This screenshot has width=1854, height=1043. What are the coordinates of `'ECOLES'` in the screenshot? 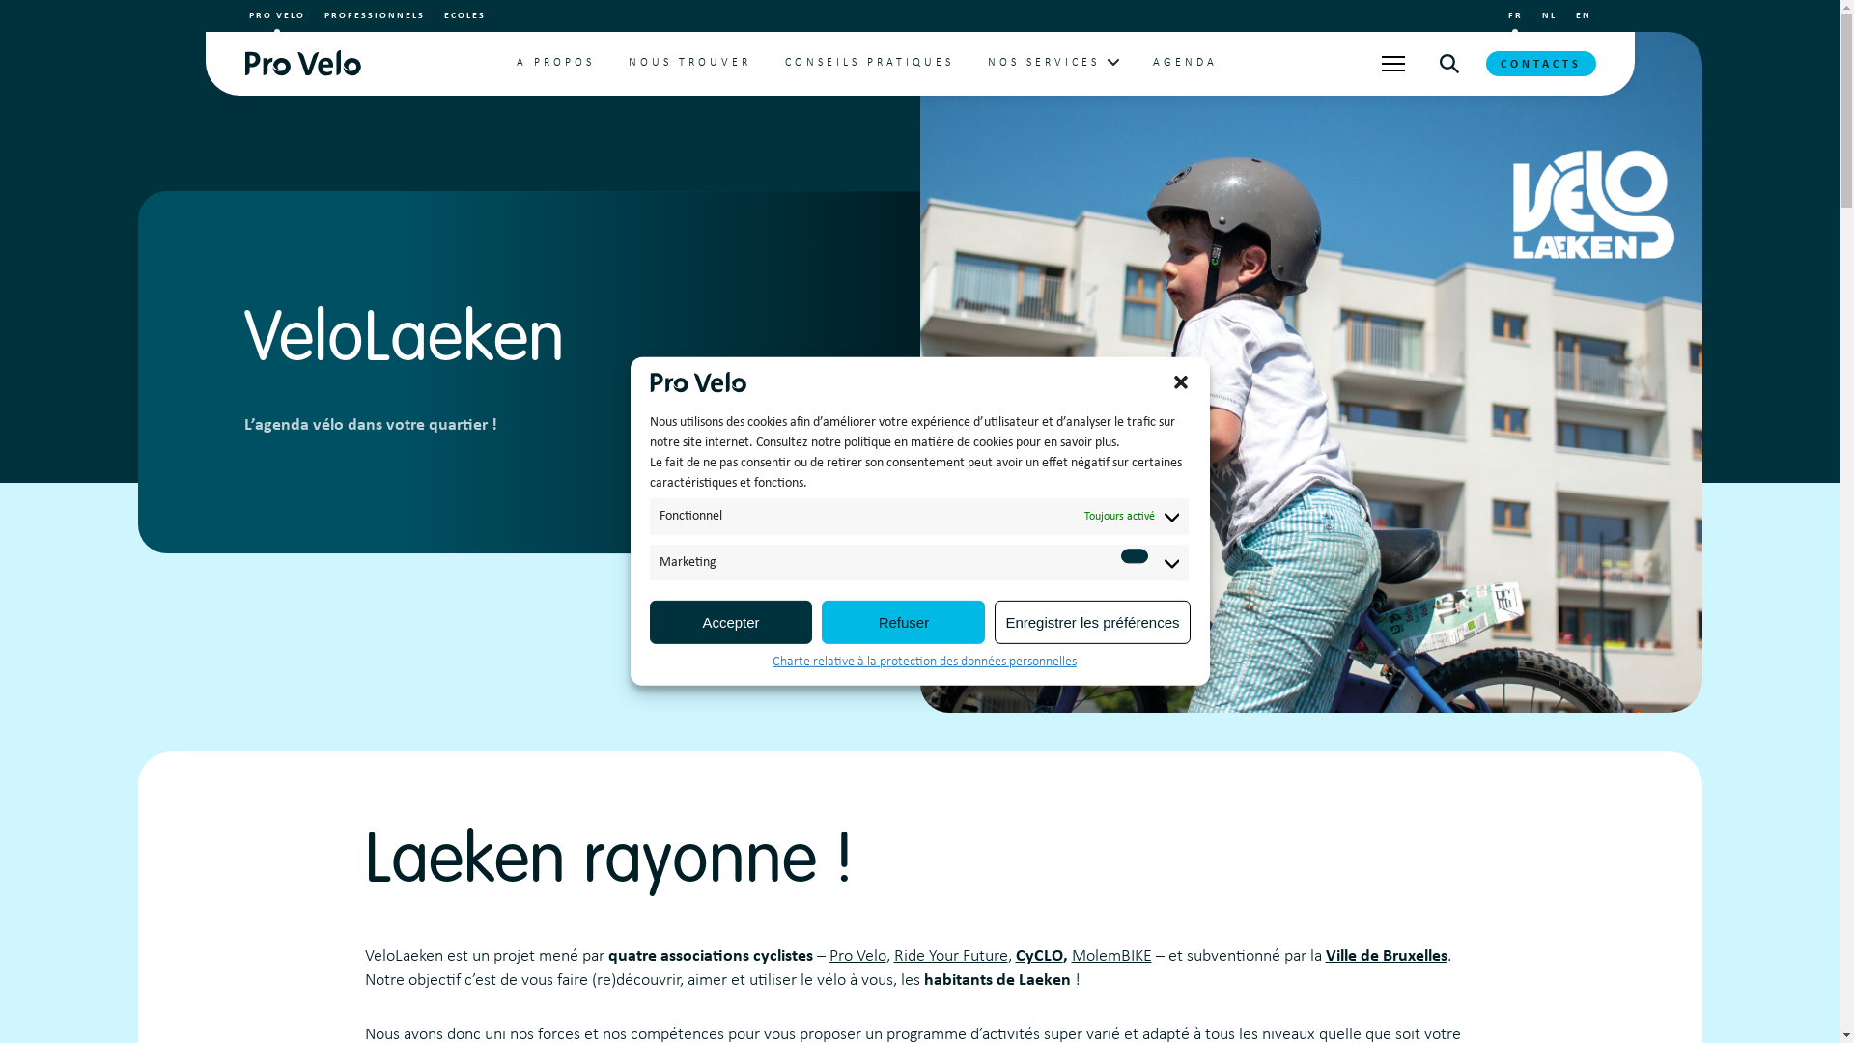 It's located at (464, 15).